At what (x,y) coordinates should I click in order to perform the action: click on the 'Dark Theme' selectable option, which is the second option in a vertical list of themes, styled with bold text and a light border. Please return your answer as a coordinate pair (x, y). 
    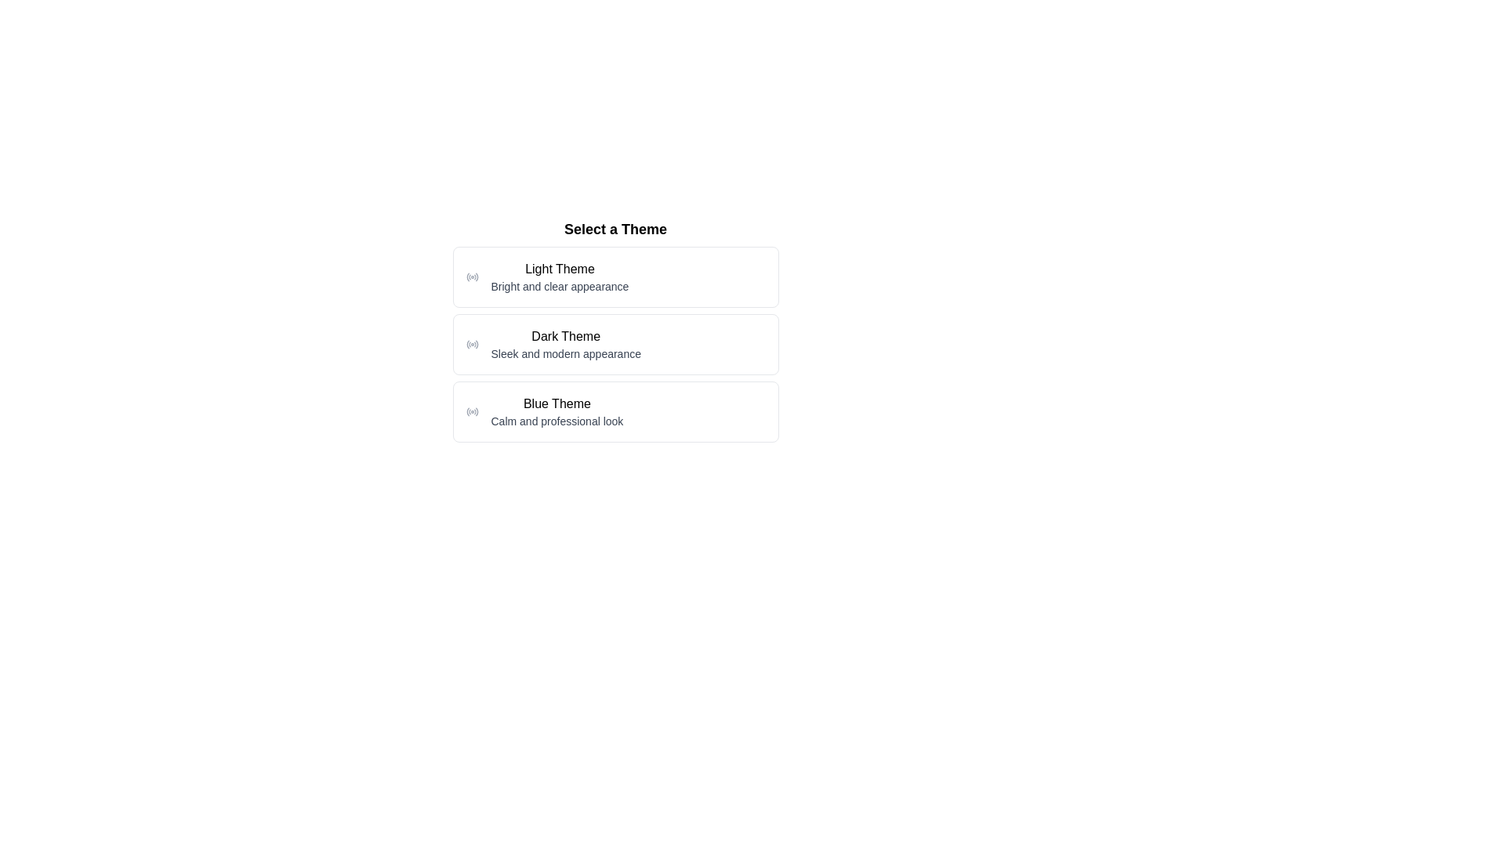
    Looking at the image, I should click on (615, 343).